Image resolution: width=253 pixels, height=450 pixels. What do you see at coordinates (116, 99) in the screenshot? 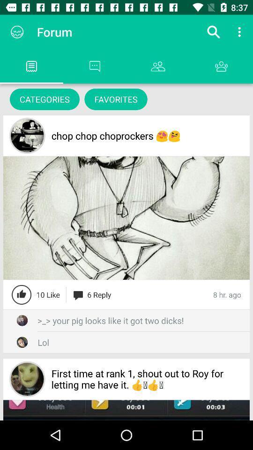
I see `the icon to the right of the categories` at bounding box center [116, 99].